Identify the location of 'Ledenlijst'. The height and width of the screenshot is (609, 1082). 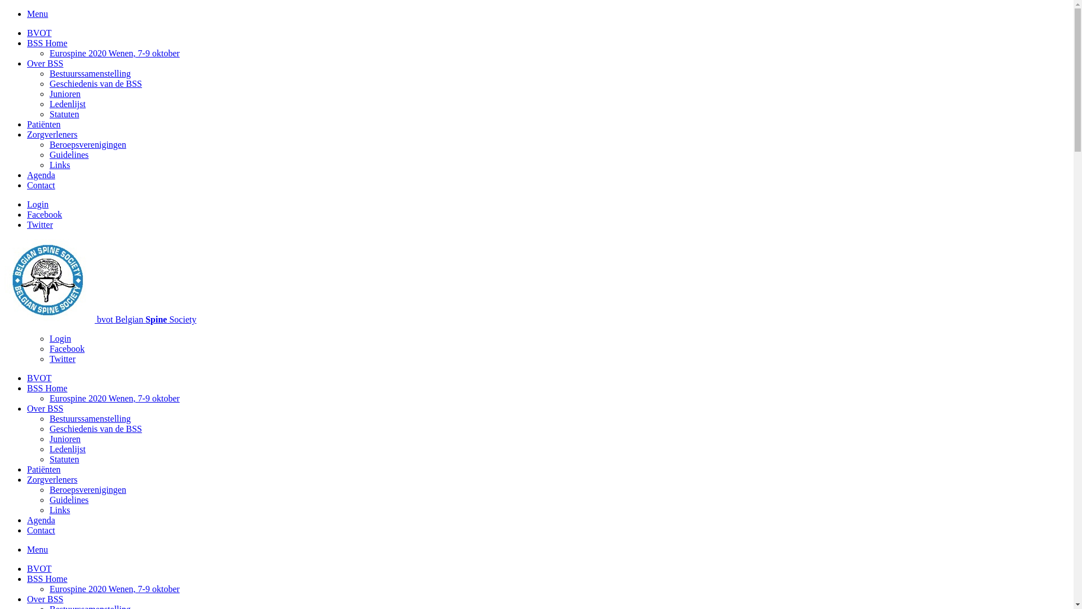
(67, 448).